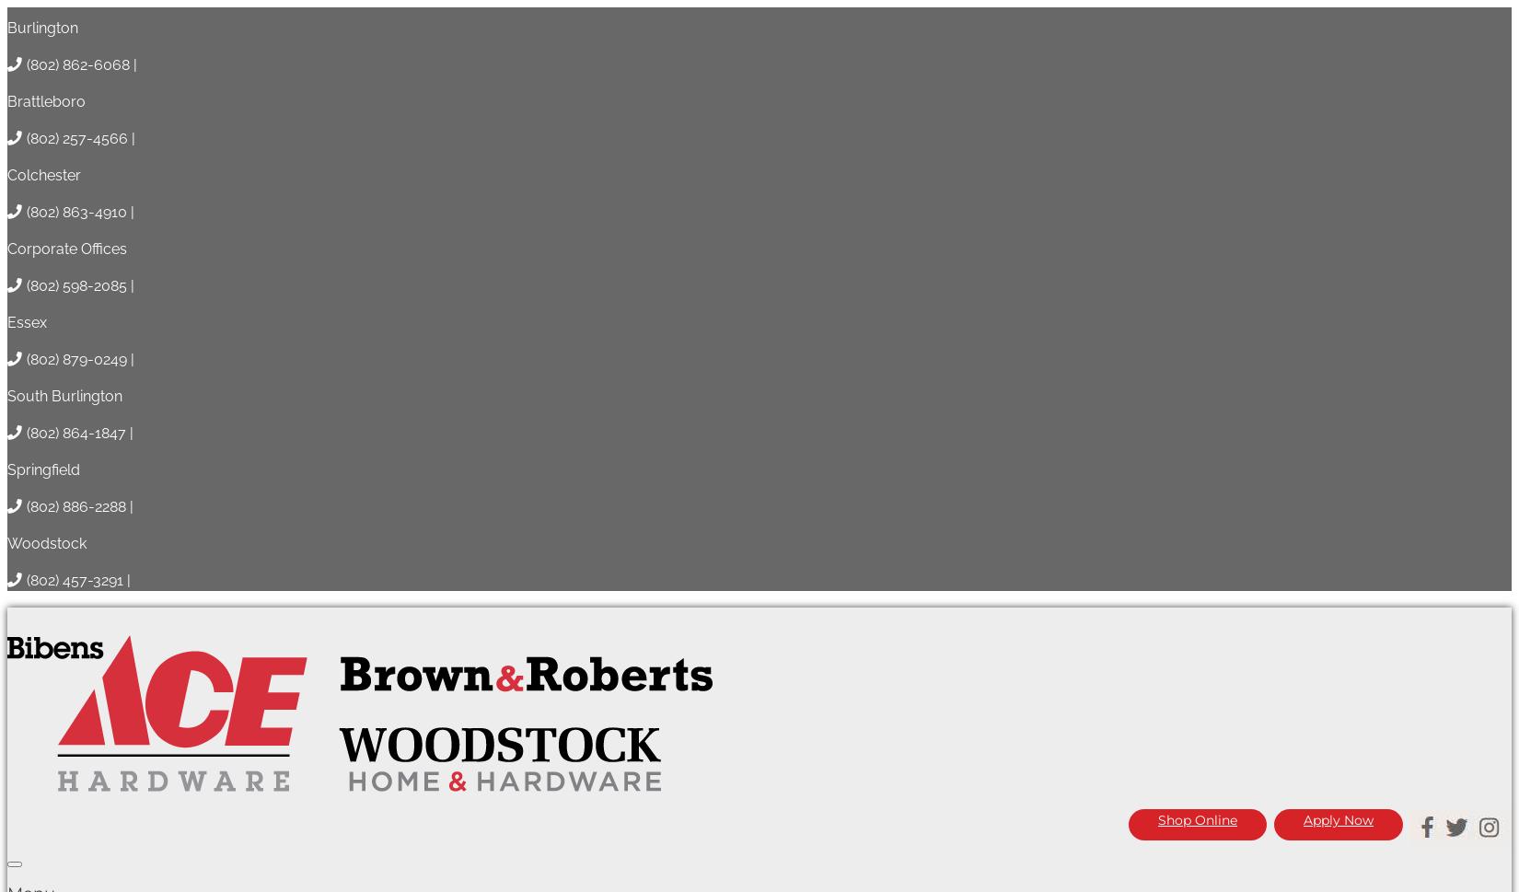 This screenshot has height=892, width=1519. I want to click on 'Lemon Verbena', so click(68, 687).